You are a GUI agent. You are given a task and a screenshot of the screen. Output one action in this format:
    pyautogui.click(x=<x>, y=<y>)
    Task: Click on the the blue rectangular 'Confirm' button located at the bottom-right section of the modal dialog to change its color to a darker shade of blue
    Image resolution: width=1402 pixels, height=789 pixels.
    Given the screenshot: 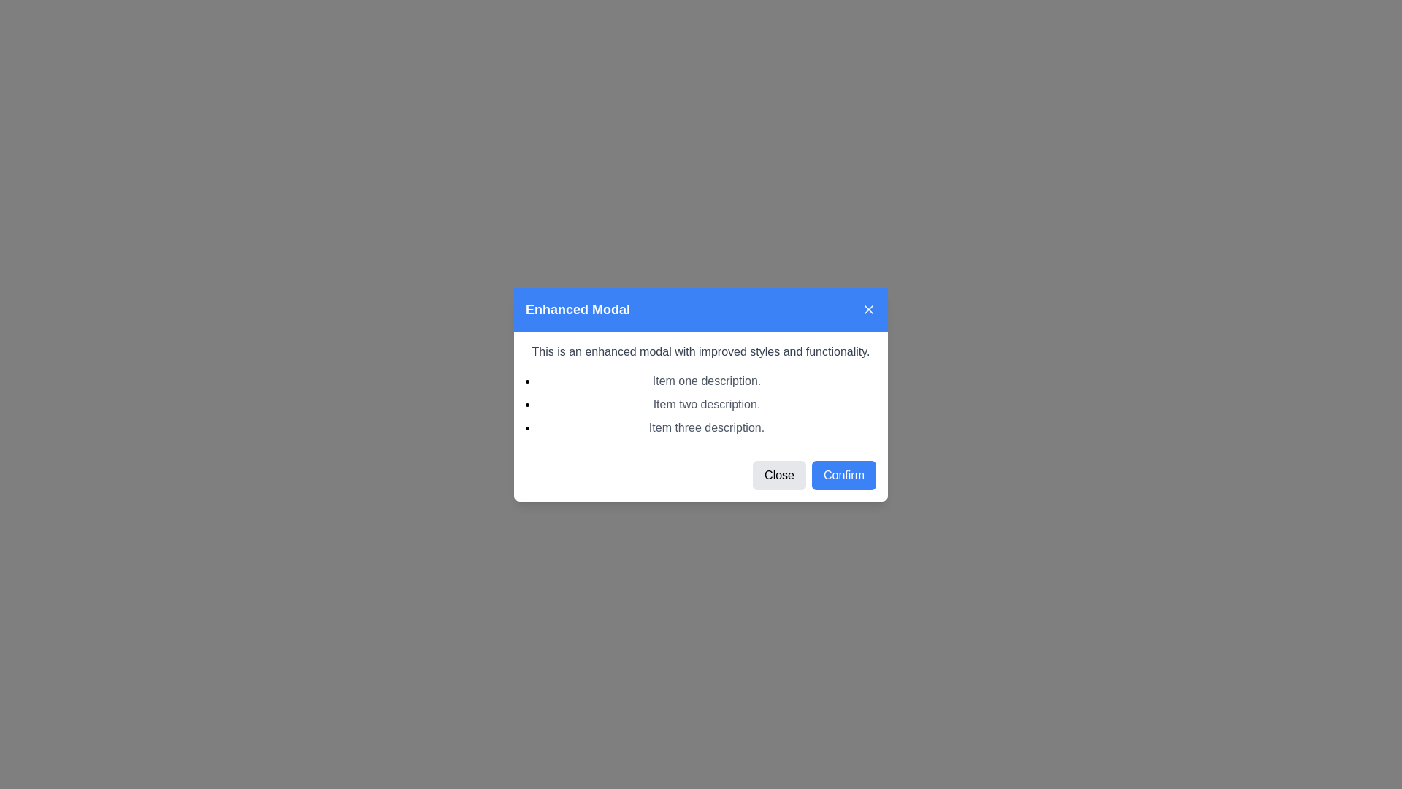 What is the action you would take?
    pyautogui.click(x=844, y=475)
    